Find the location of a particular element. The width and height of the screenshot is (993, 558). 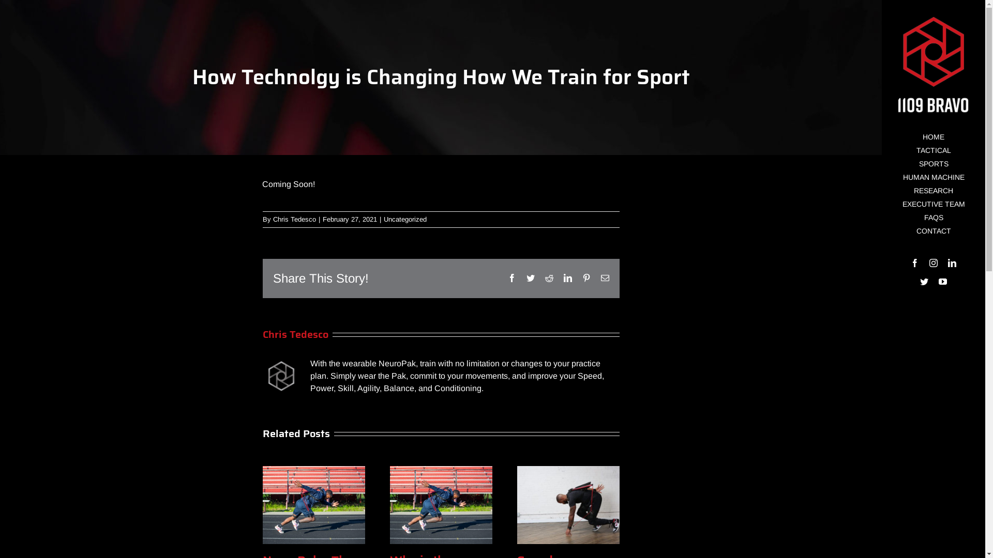

'Twitter' is located at coordinates (924, 281).